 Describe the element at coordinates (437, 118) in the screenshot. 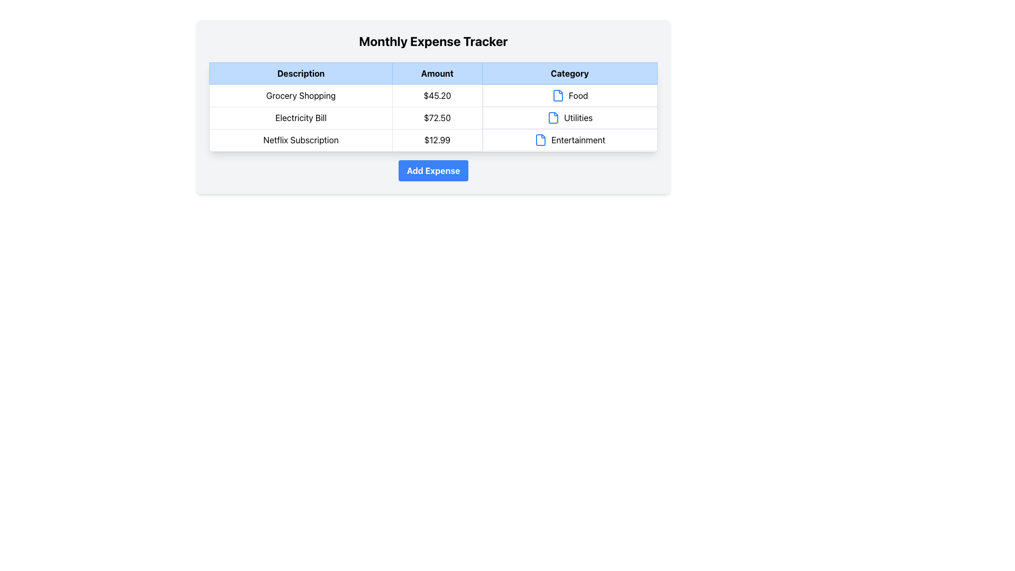

I see `the static text component displaying the monetary value '$72.50' located in the 'Amount' column of the table, which is the second item in that column` at that location.